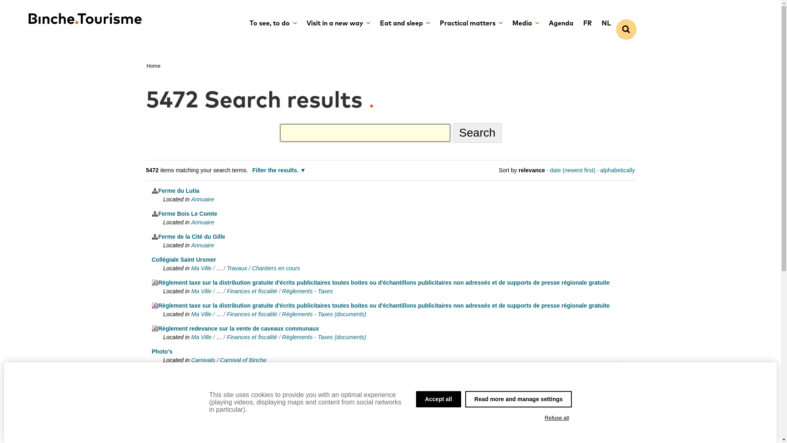  I want to click on 'Photo's', so click(162, 351).